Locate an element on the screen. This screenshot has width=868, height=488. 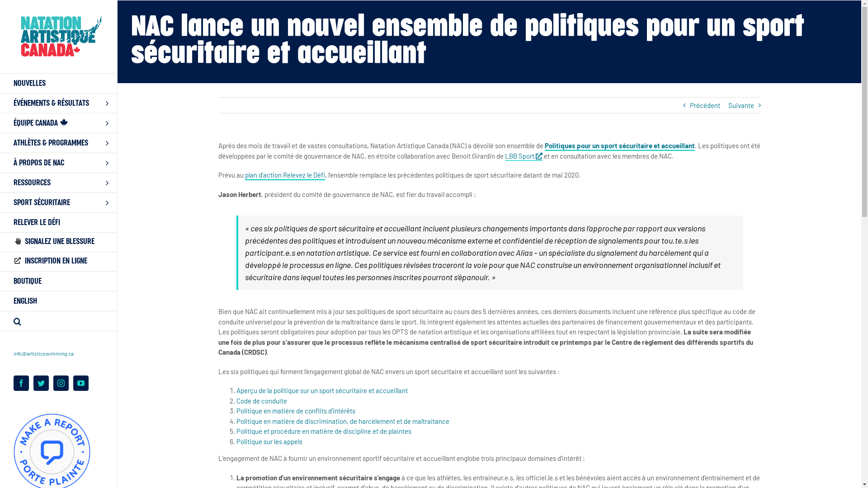
'Twitter' is located at coordinates (41, 383).